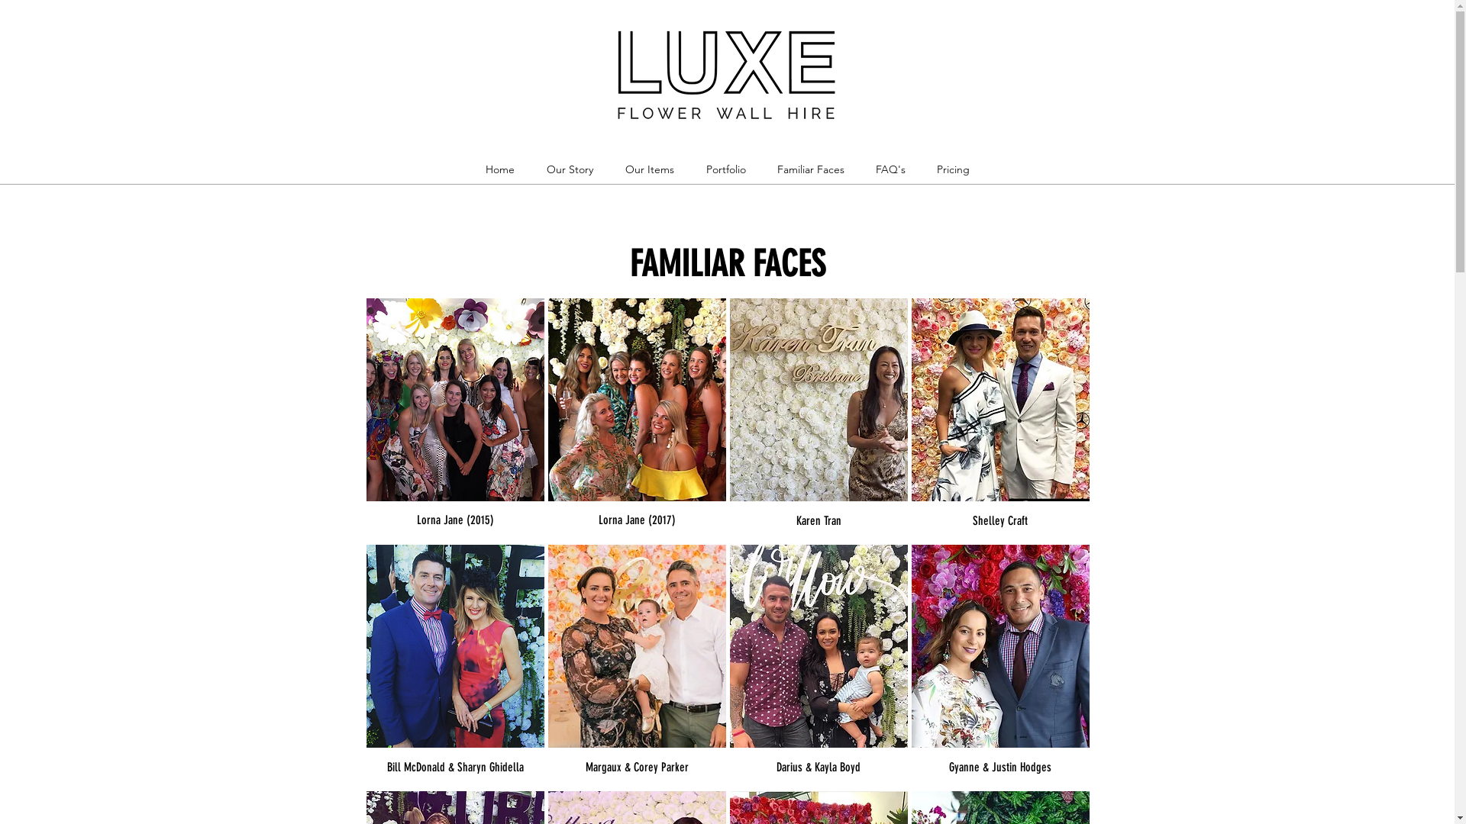 This screenshot has height=824, width=1466. I want to click on 'Pricing', so click(952, 169).